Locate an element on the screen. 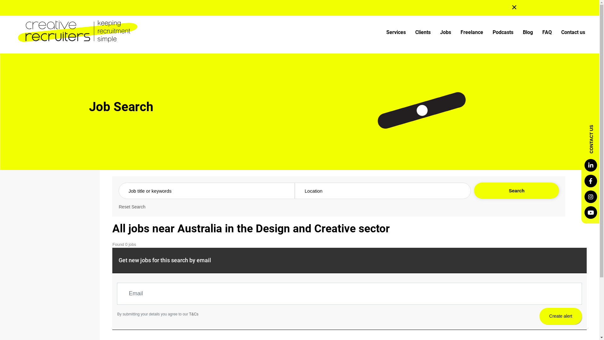  'Reset Search' is located at coordinates (131, 207).